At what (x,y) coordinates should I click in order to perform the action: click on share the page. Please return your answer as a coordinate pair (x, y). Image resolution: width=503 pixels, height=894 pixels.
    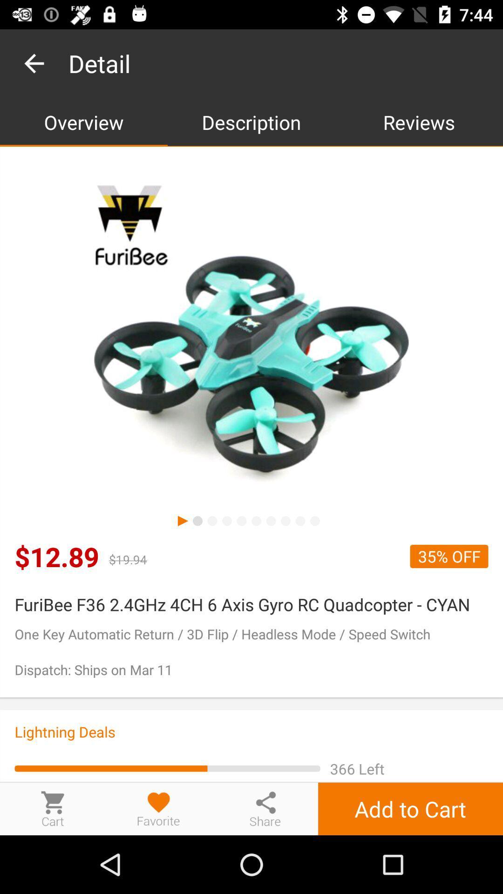
    Looking at the image, I should click on (265, 808).